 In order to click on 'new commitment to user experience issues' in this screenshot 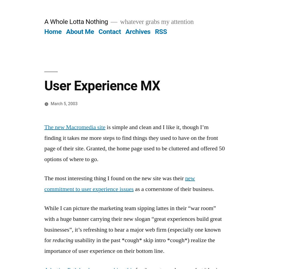, I will do `click(119, 183)`.